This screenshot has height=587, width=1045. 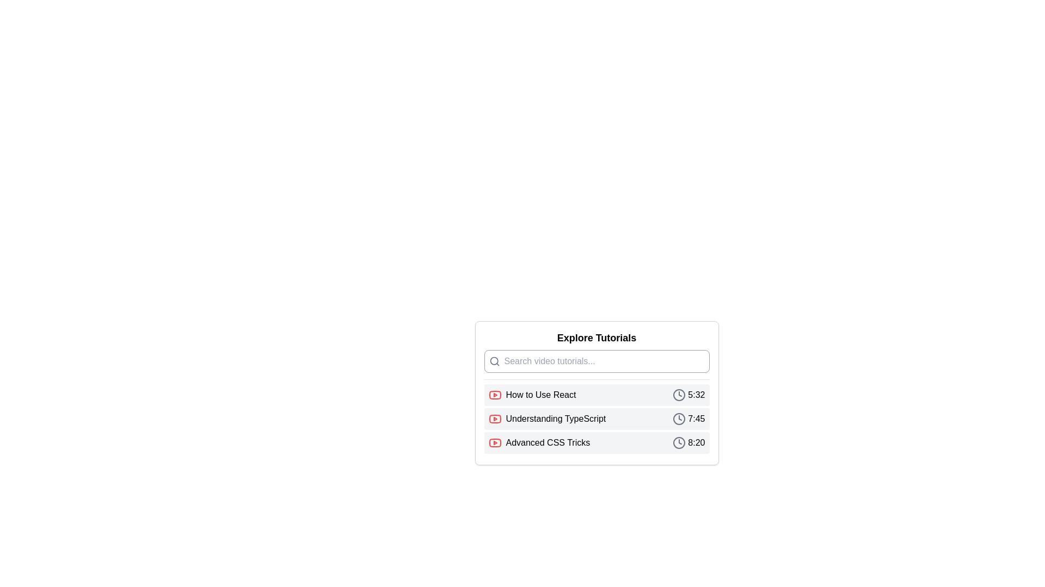 What do you see at coordinates (679, 442) in the screenshot?
I see `the time icon next to the 'Advanced CSS Tricks' list item, which is positioned to the left of the time '8:20'` at bounding box center [679, 442].